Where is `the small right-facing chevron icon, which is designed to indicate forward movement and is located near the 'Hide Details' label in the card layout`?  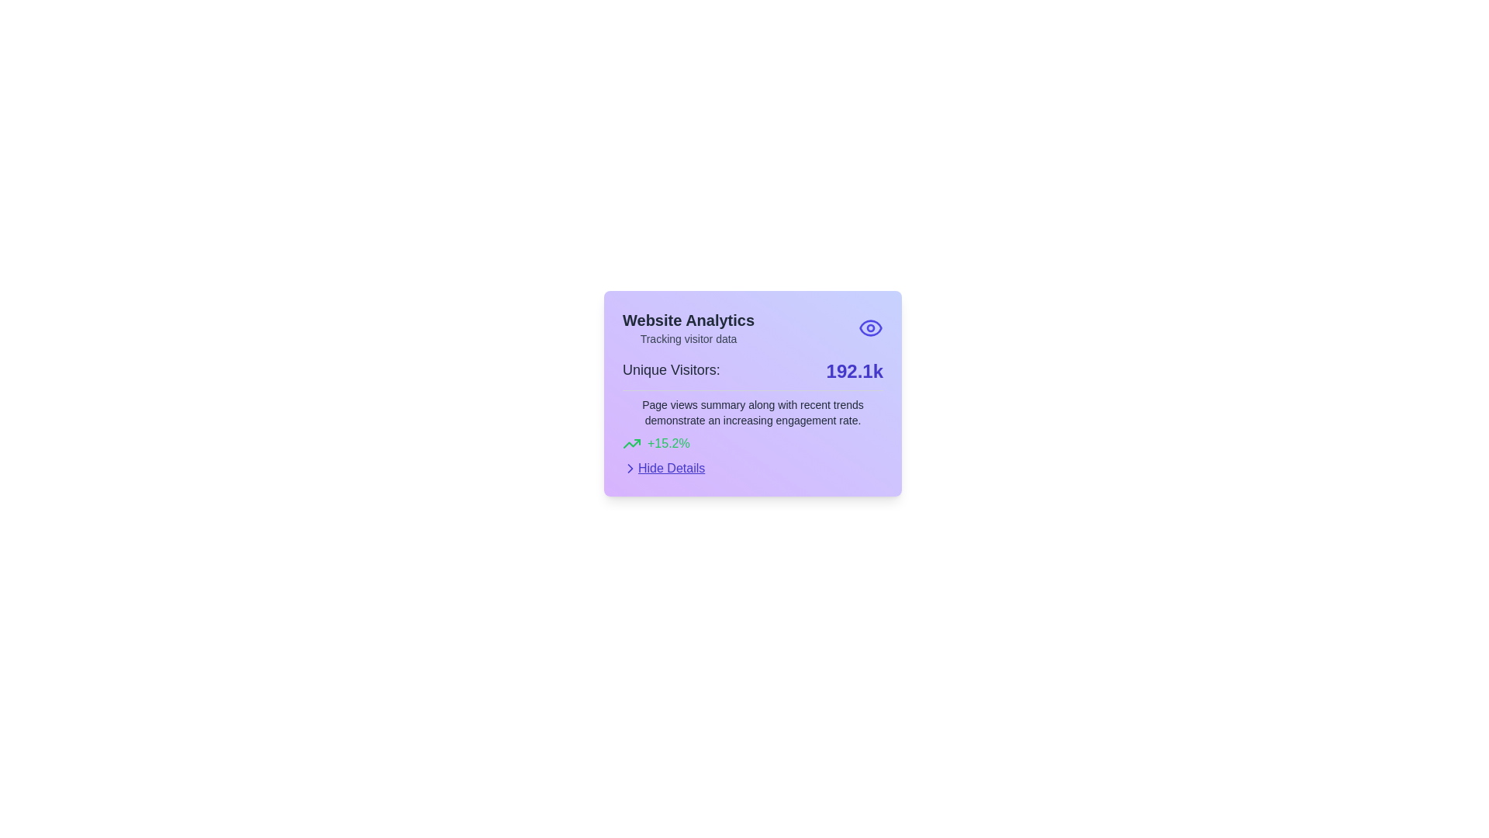 the small right-facing chevron icon, which is designed to indicate forward movement and is located near the 'Hide Details' label in the card layout is located at coordinates (630, 468).